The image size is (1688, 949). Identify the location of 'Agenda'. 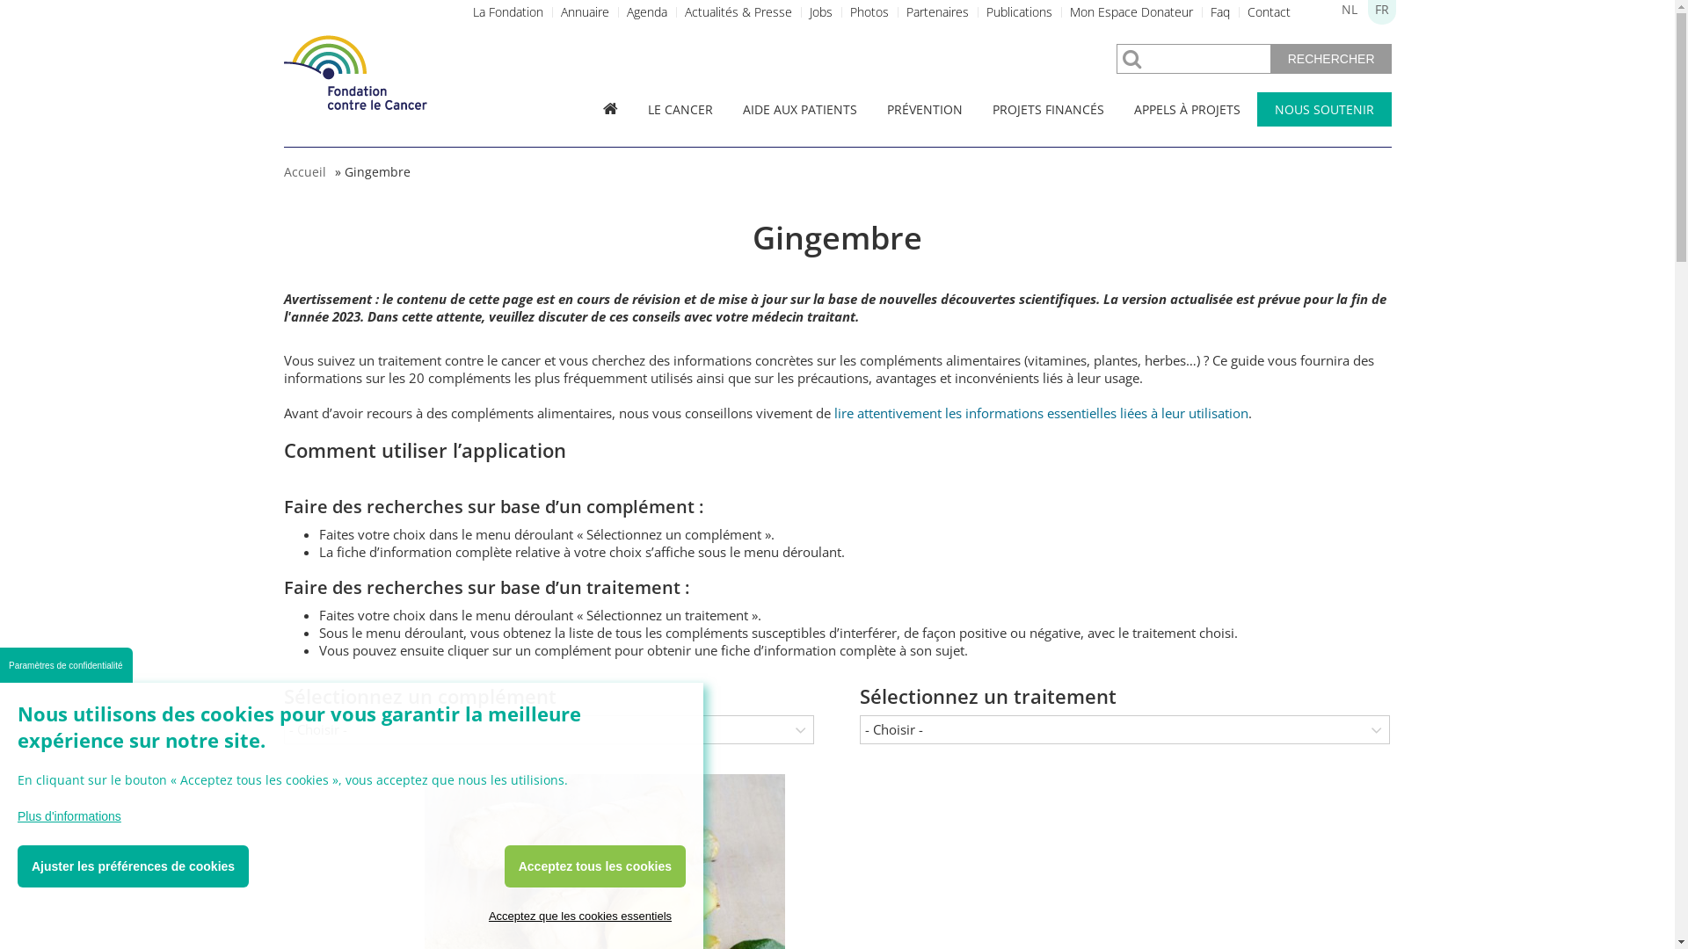
(644, 11).